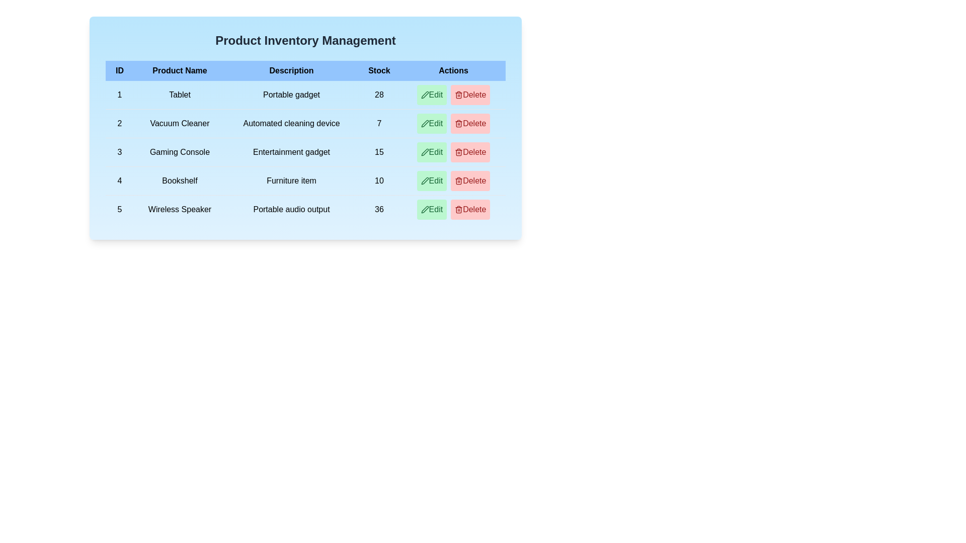 The height and width of the screenshot is (543, 966). Describe the element at coordinates (458, 124) in the screenshot. I see `the decorative graphical element of the trash can icon, which is part of the 'Delete' button in the fifth row of the table in the 'Actions' column` at that location.